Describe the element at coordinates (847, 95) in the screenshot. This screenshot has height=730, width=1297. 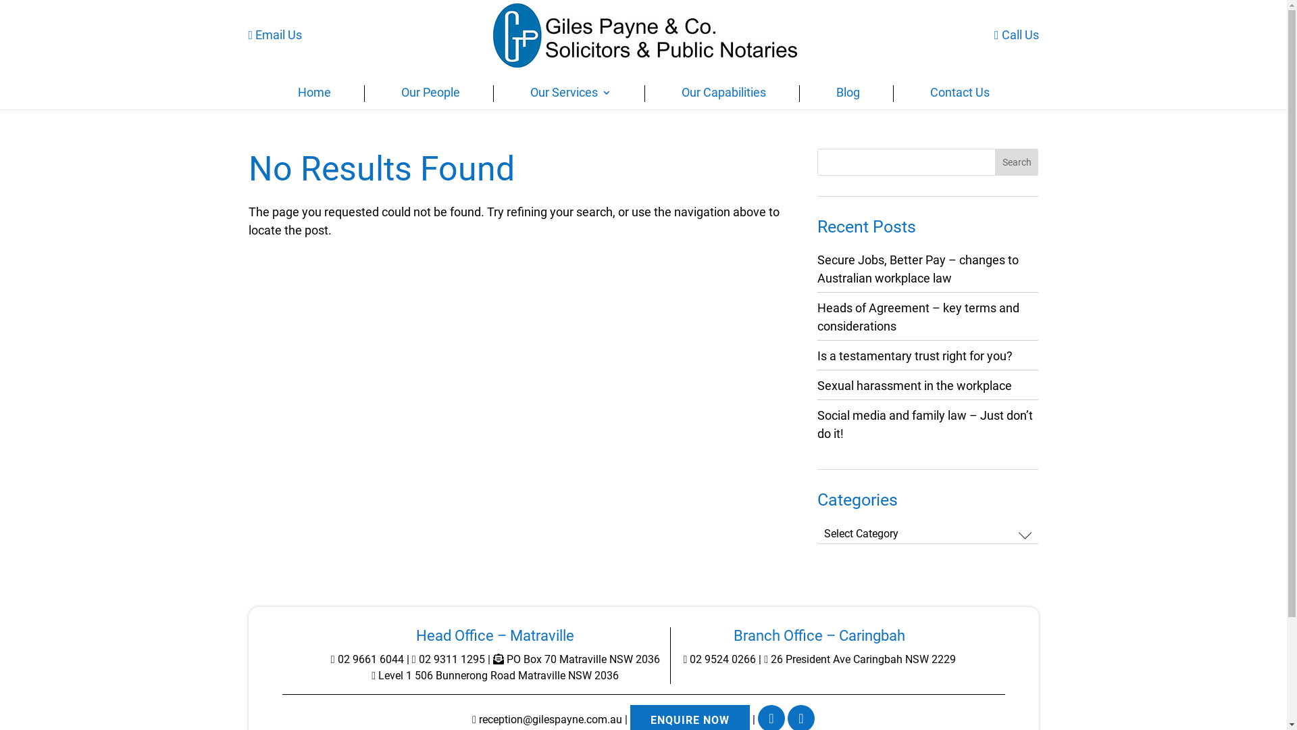
I see `'Blog'` at that location.